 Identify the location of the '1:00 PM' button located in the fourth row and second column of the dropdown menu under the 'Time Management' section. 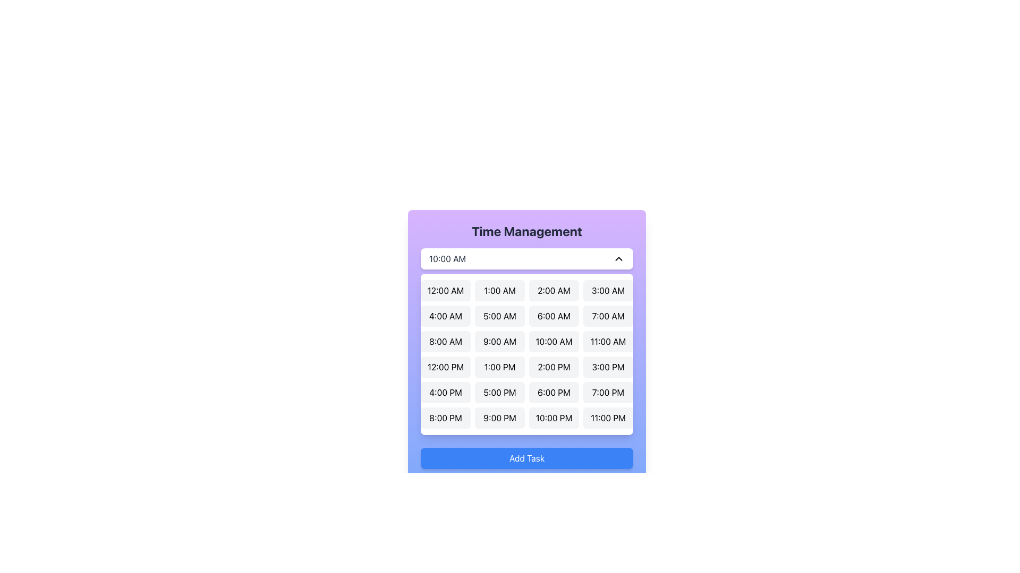
(499, 366).